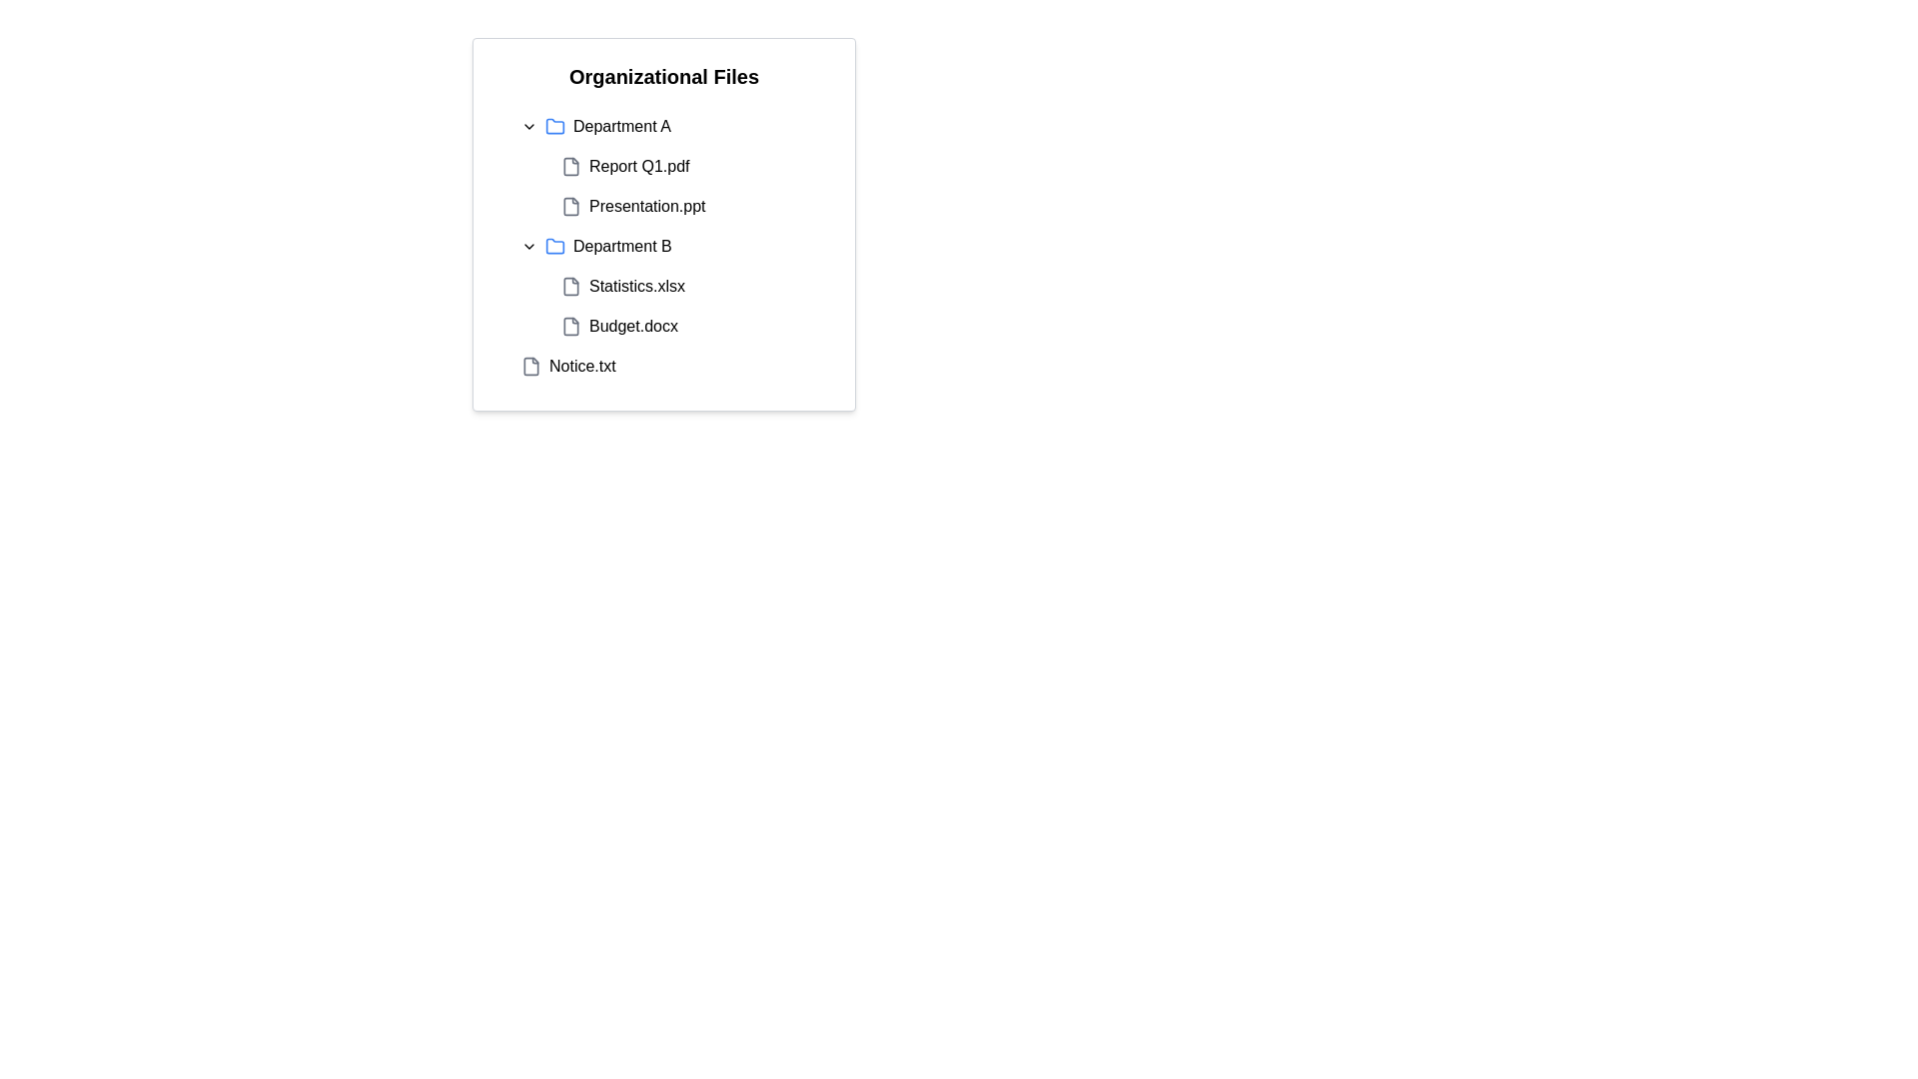 The image size is (1918, 1079). What do you see at coordinates (639, 165) in the screenshot?
I see `the text label 'Report Q1.pdf' in the 'Department A' section` at bounding box center [639, 165].